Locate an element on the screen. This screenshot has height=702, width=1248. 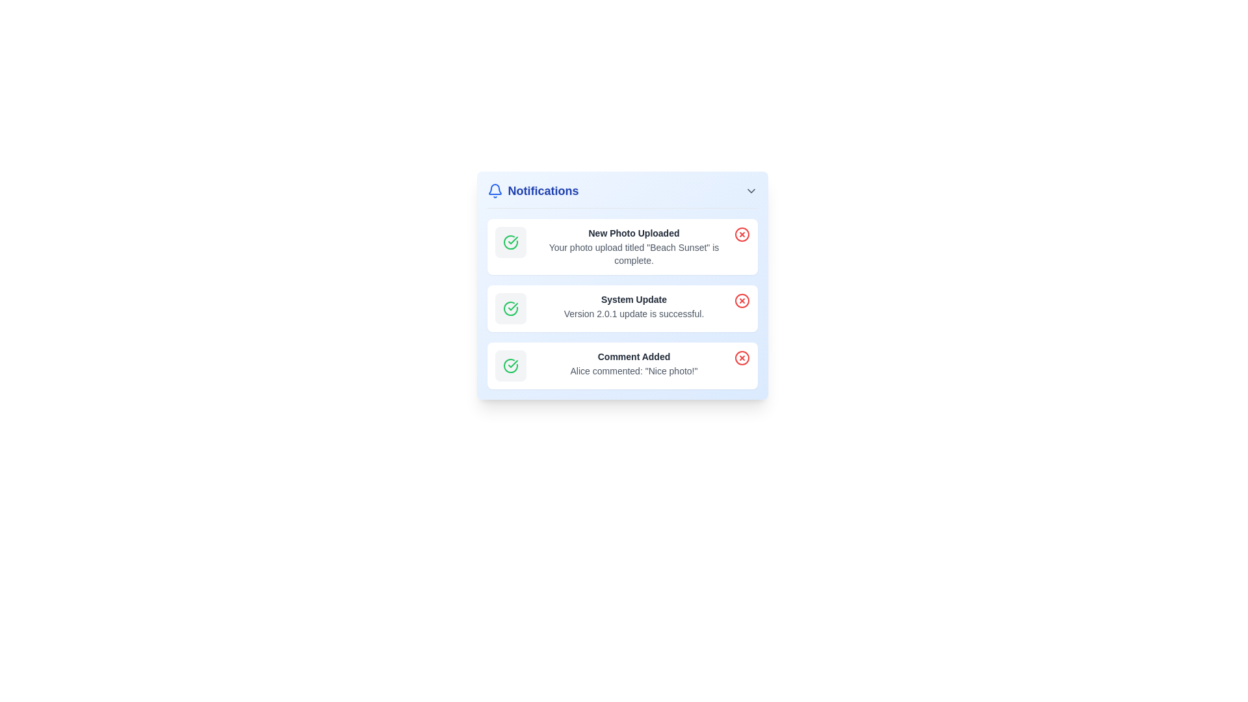
the green check mark icon located in the second notification item of the list, which indicates a system update message is located at coordinates (512, 306).